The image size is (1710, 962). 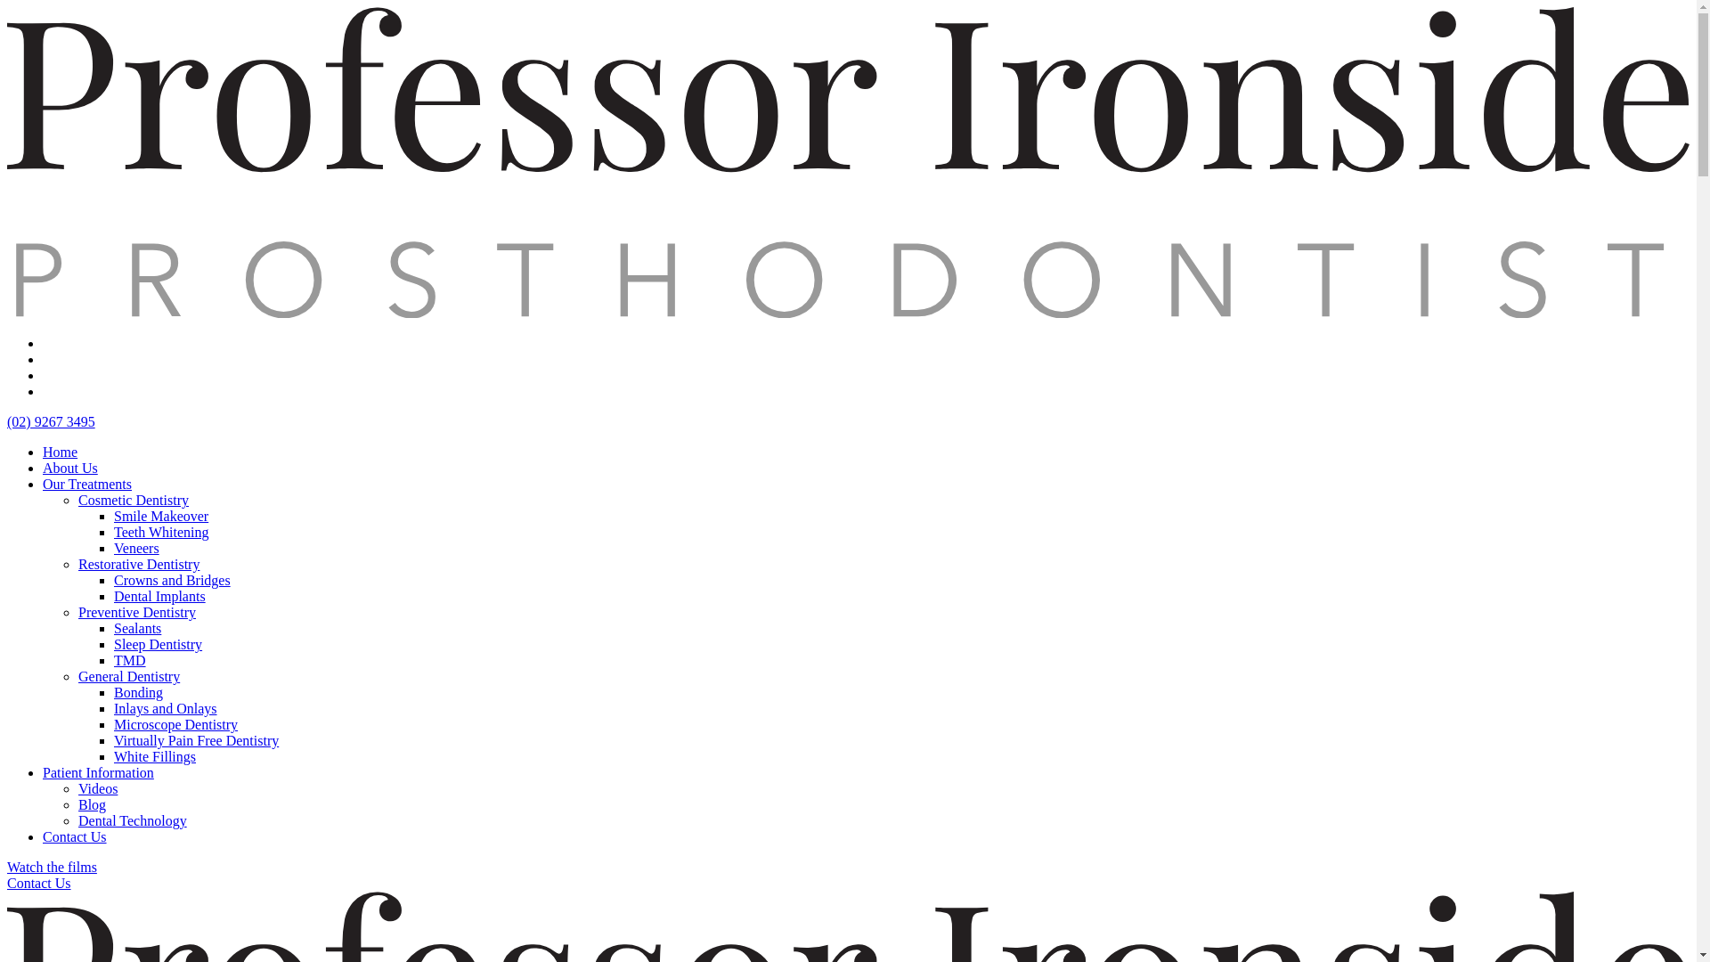 What do you see at coordinates (91, 804) in the screenshot?
I see `'Blog'` at bounding box center [91, 804].